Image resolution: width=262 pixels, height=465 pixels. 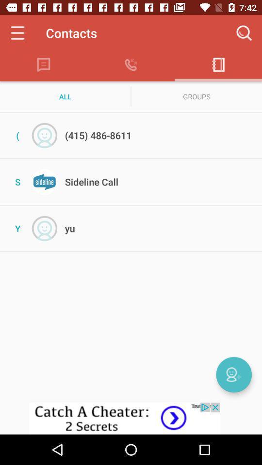 What do you see at coordinates (131, 418) in the screenshot?
I see `the advertisement` at bounding box center [131, 418].